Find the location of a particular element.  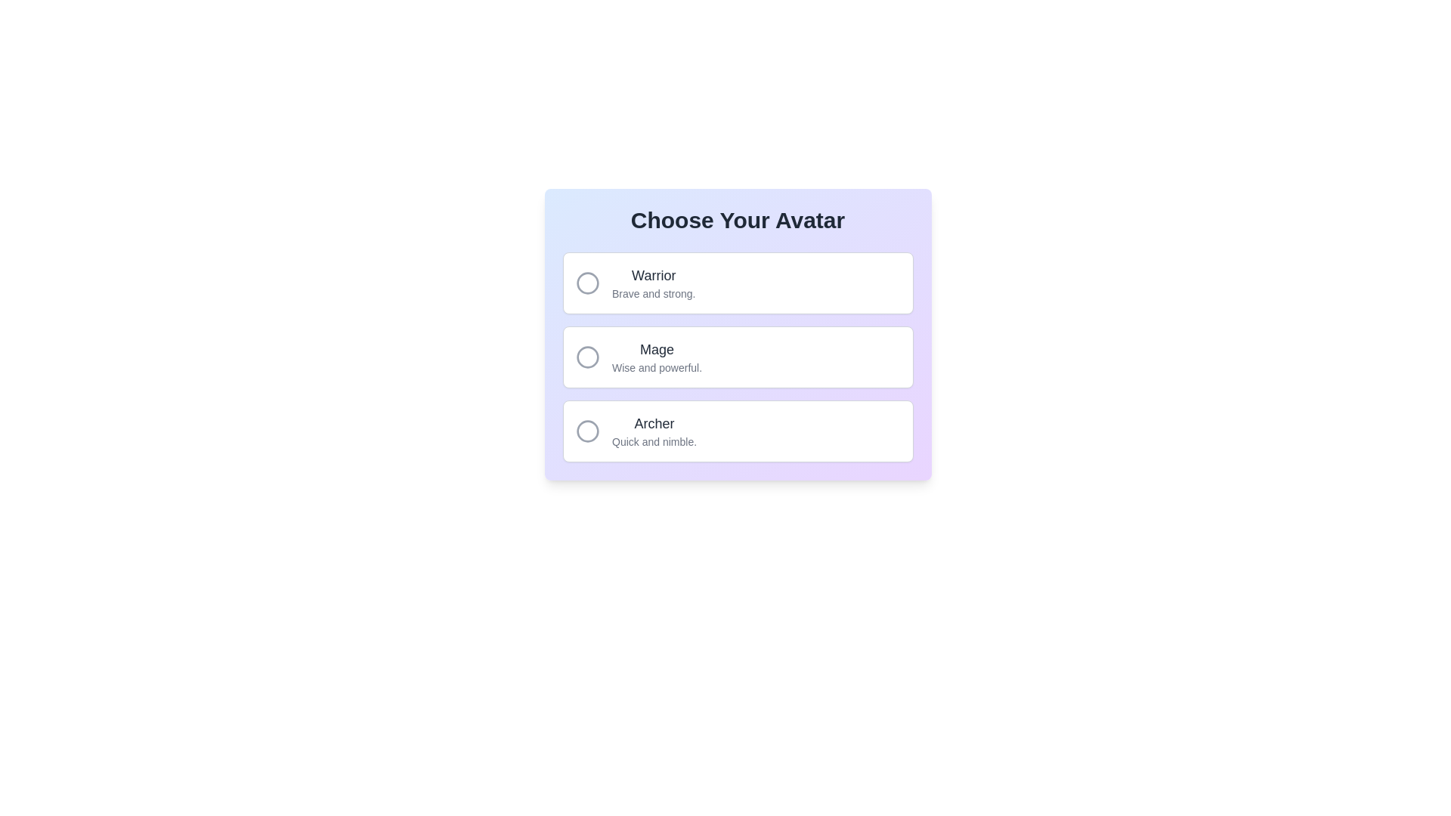

the text label displaying 'Warrior', which is styled in bold font and positioned above the description 'Brave and strong.' in the avatar selection list is located at coordinates (653, 276).